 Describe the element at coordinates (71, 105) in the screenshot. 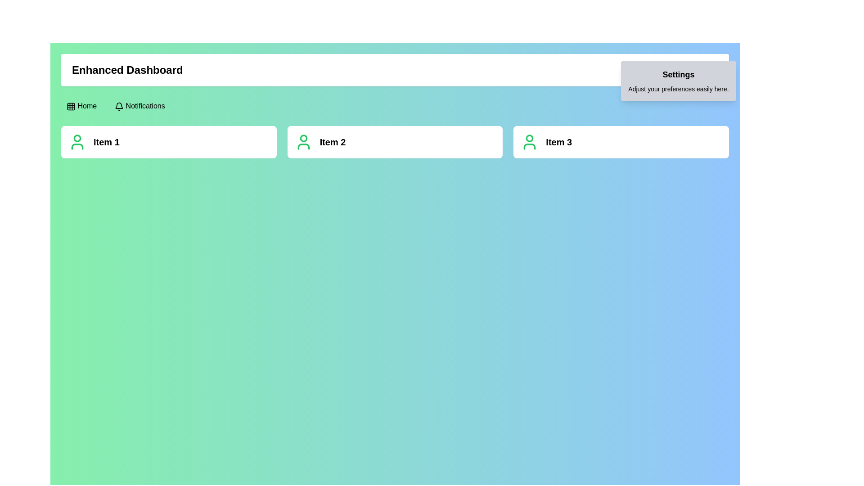

I see `the center square grid cell with rounded corners and a green fill color located in the top-left corner of the interface` at that location.